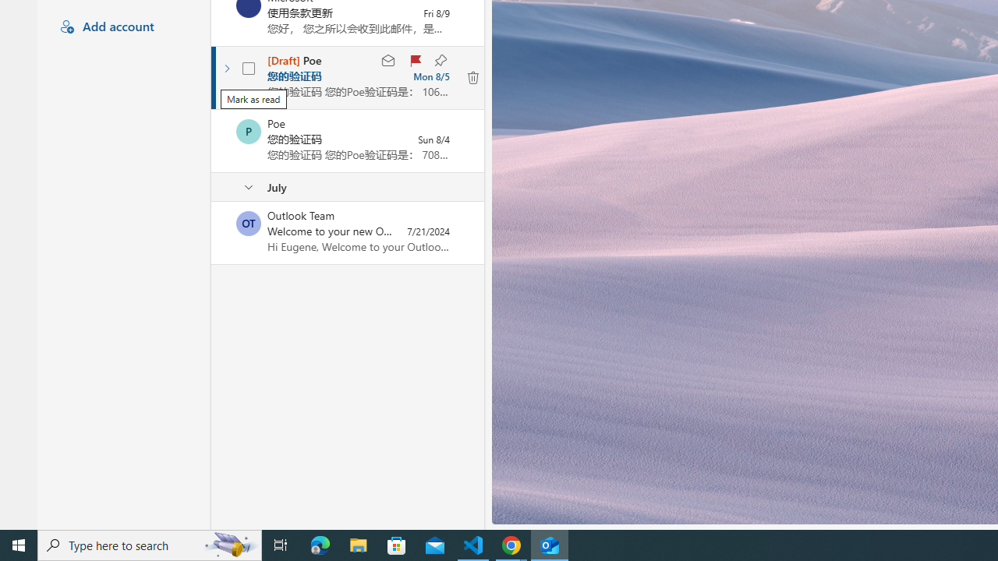 The image size is (998, 561). What do you see at coordinates (440, 60) in the screenshot?
I see `'Keep this message at the top of your folder'` at bounding box center [440, 60].